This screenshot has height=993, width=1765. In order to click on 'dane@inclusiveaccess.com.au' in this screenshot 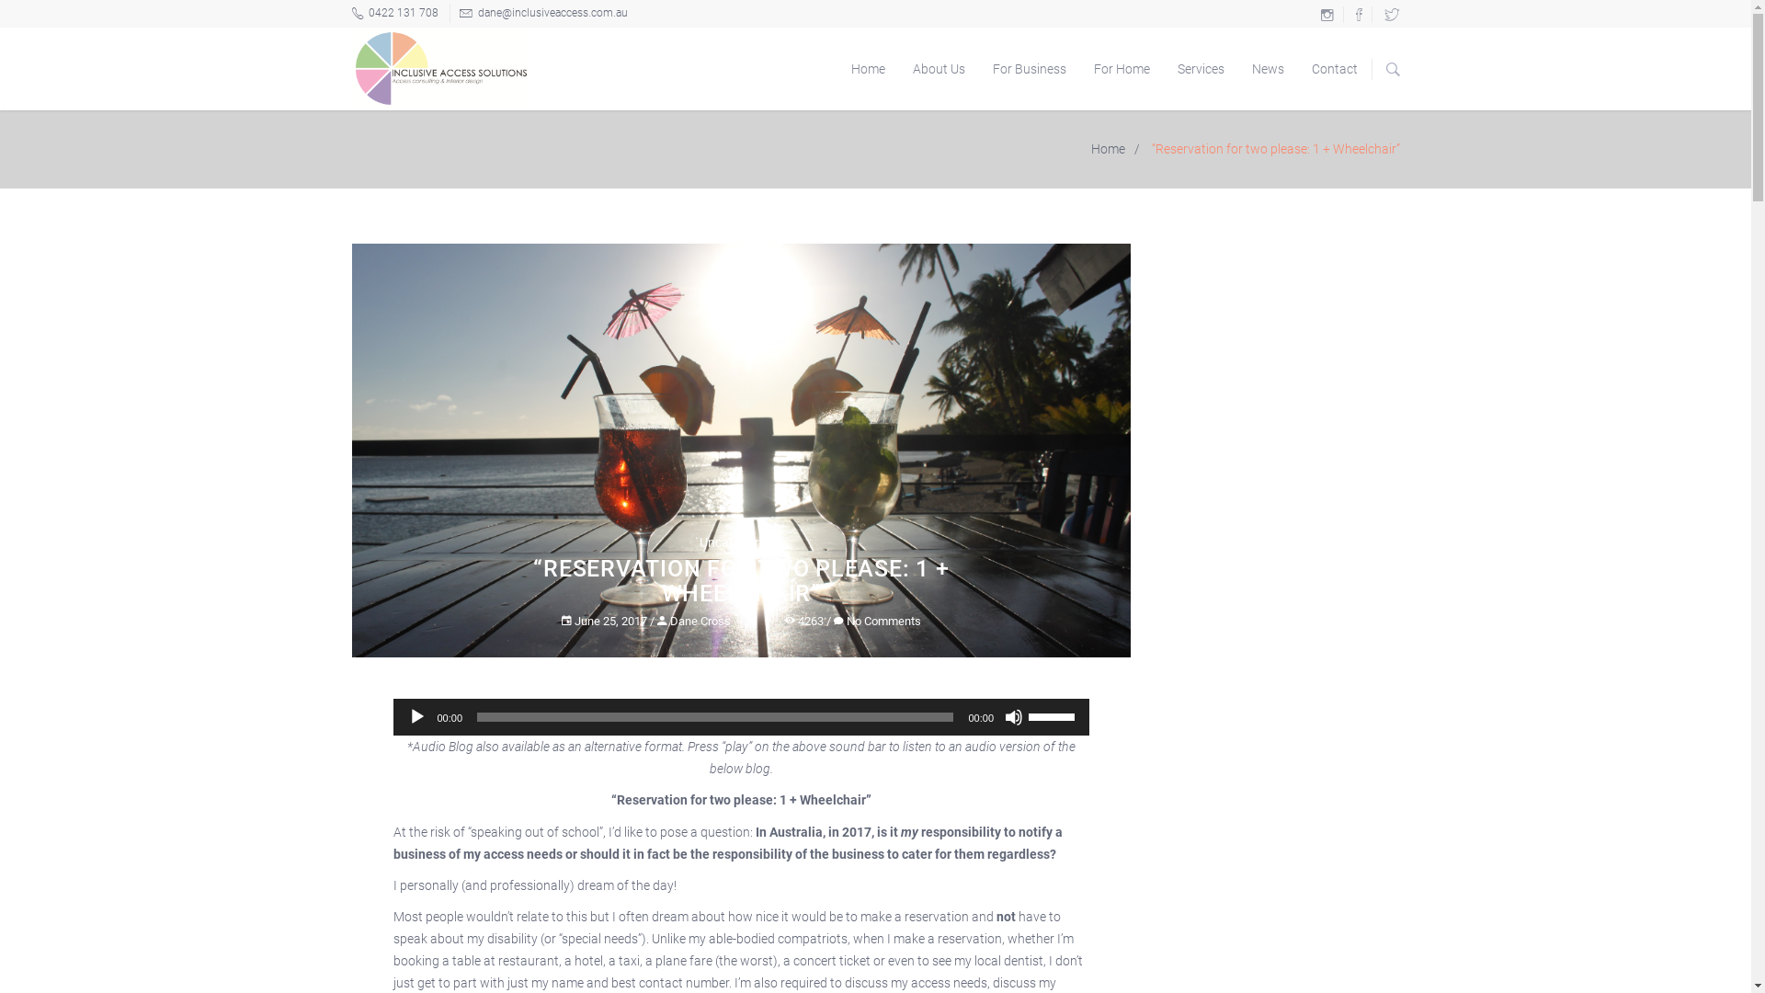, I will do `click(449, 13)`.